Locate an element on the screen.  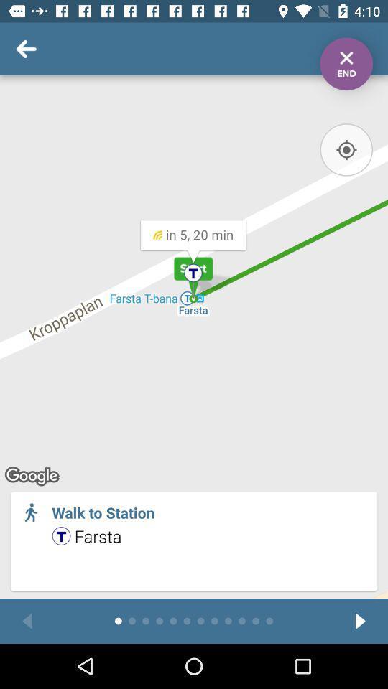
page is located at coordinates (346, 64).